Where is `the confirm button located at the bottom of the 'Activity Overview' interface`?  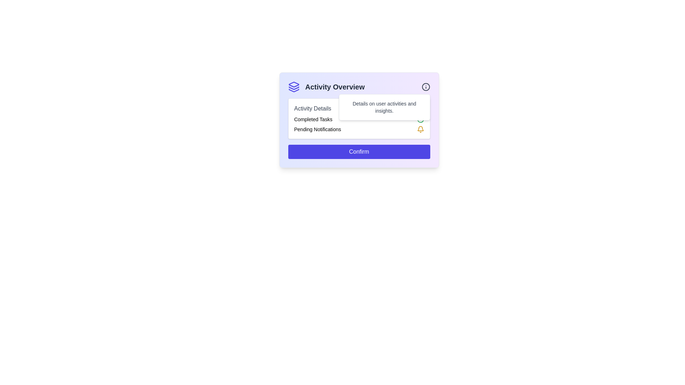
the confirm button located at the bottom of the 'Activity Overview' interface is located at coordinates (359, 151).